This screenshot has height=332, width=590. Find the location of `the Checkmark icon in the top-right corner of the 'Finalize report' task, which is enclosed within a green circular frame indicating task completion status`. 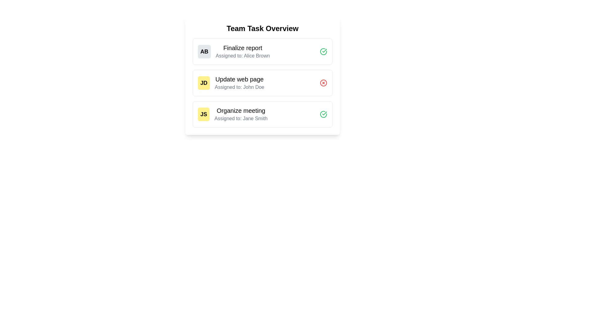

the Checkmark icon in the top-right corner of the 'Finalize report' task, which is enclosed within a green circular frame indicating task completion status is located at coordinates (324, 113).